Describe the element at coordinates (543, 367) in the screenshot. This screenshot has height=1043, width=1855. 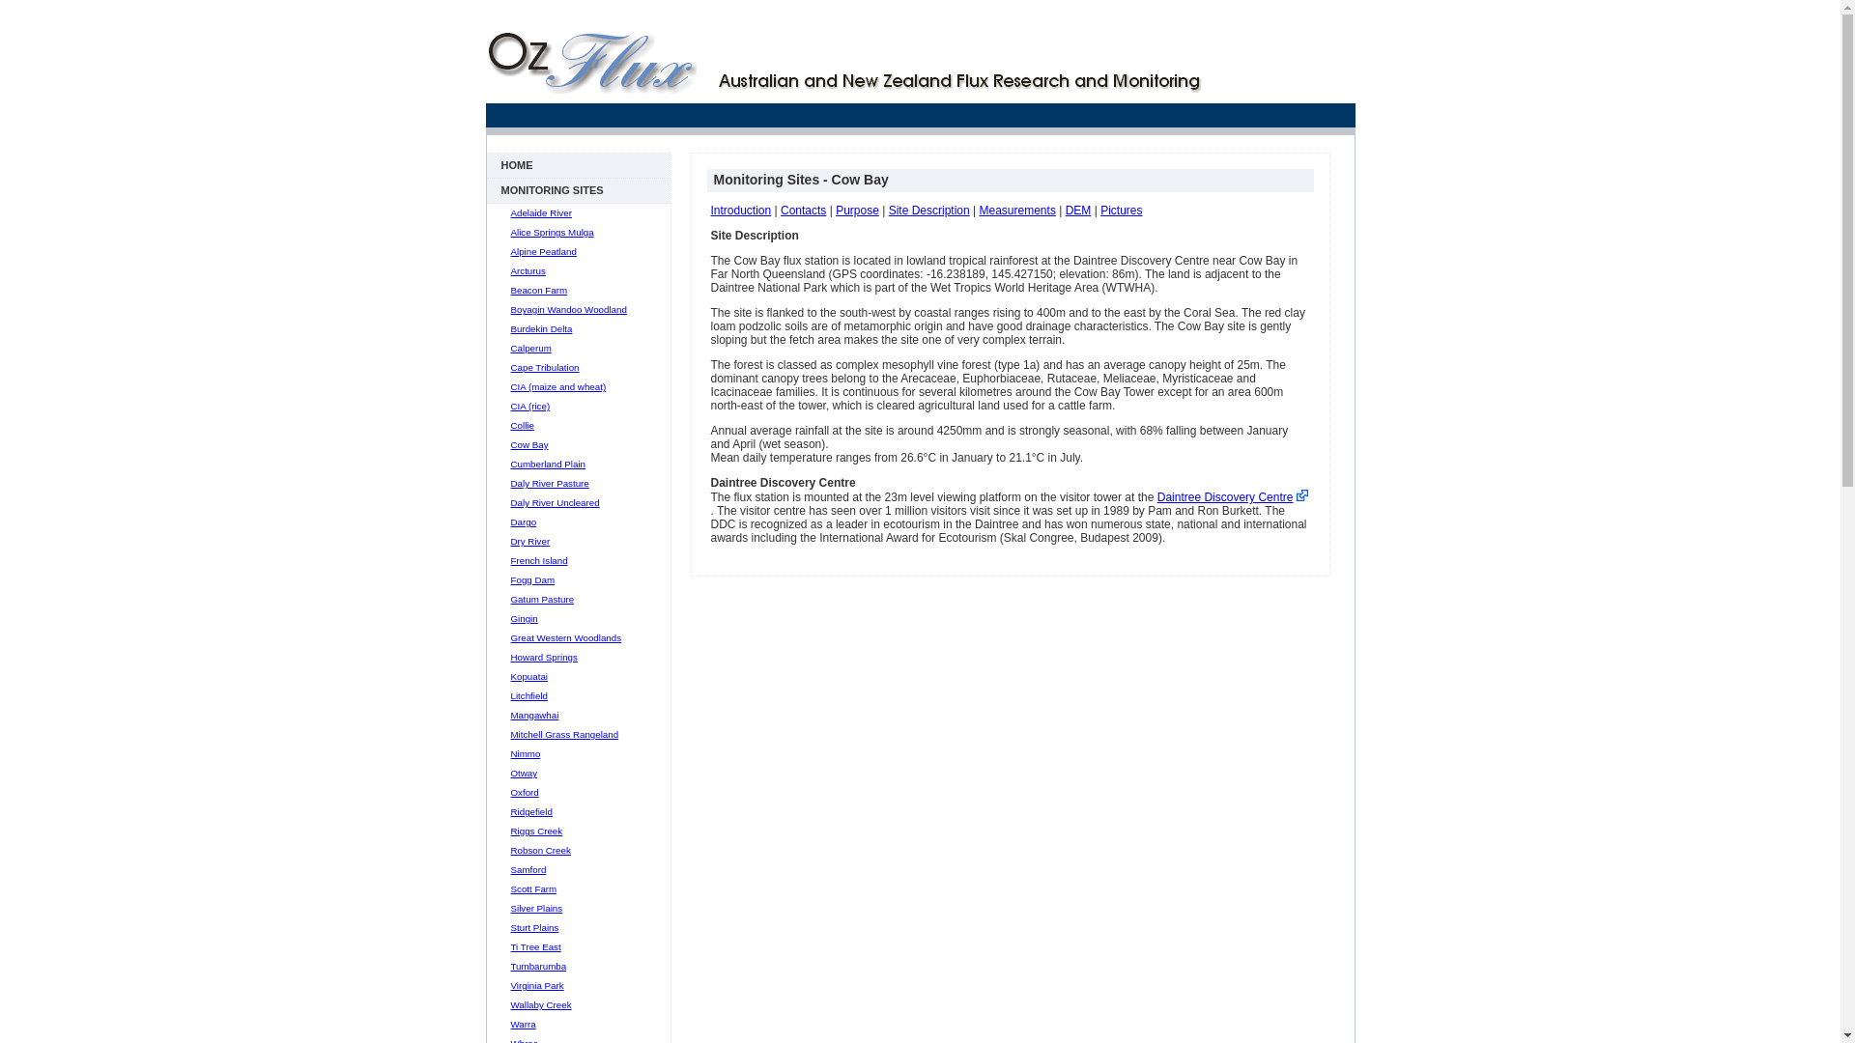
I see `'Cape Tribulation'` at that location.